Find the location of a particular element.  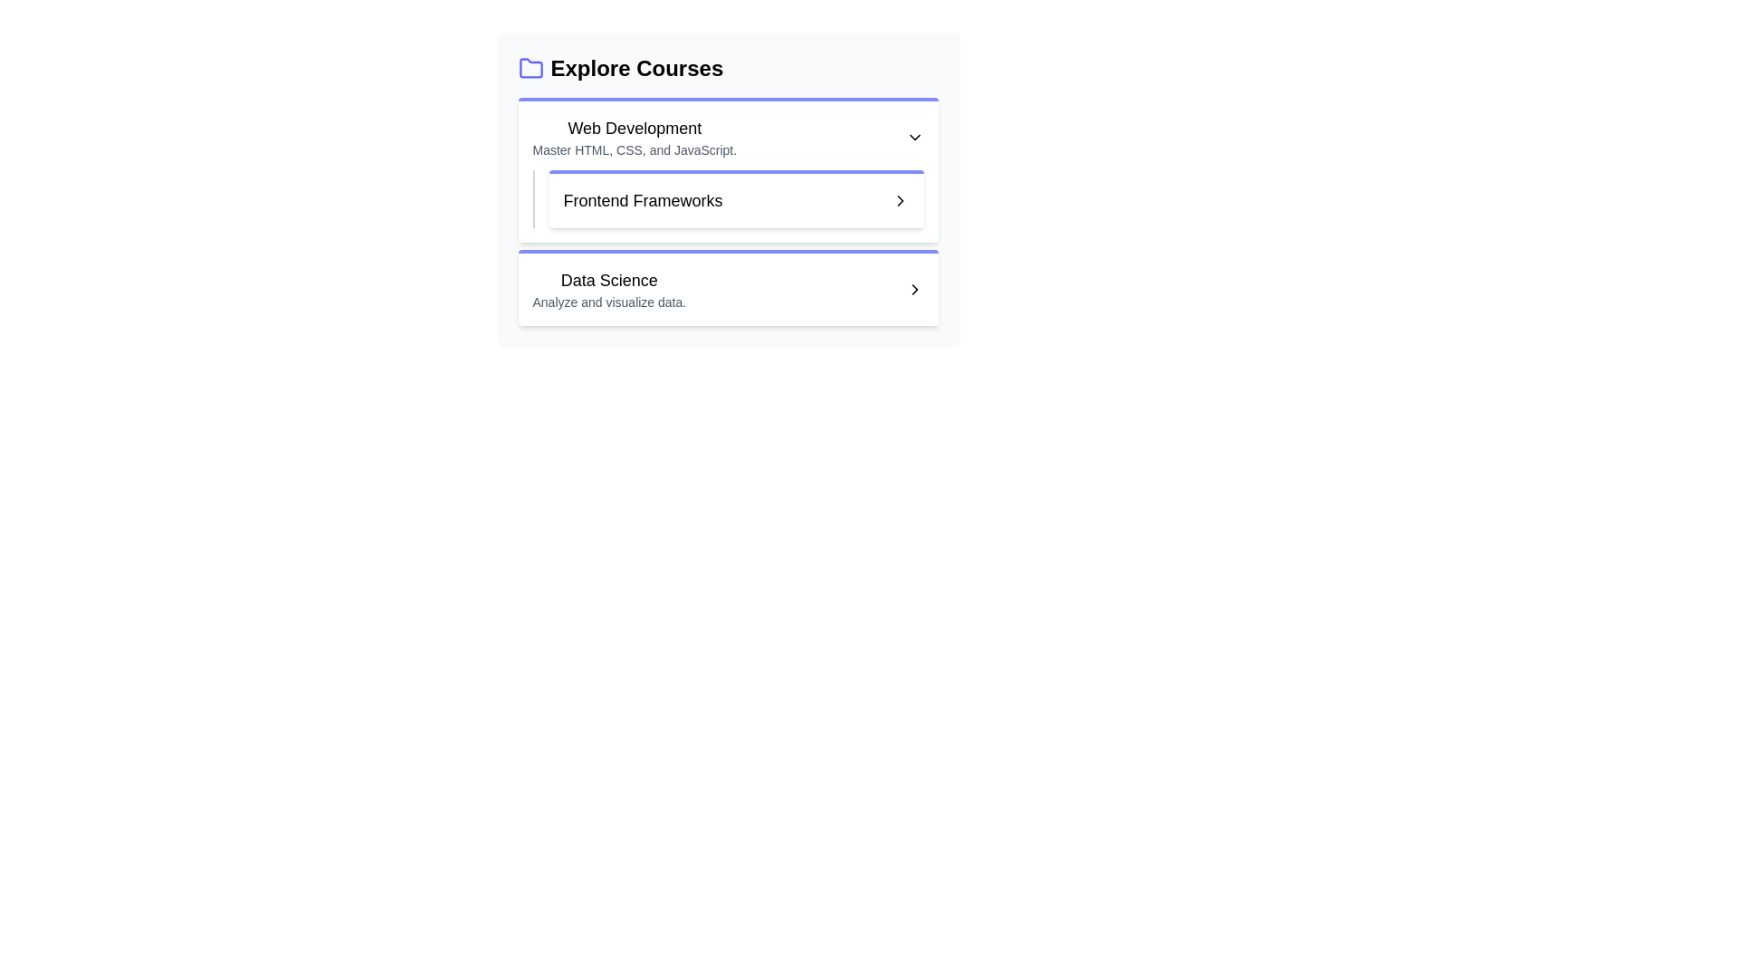

the right-arrow icon located on the far right side of the 'Frontend Frameworks' label within the 'Web Development' section is located at coordinates (900, 201).